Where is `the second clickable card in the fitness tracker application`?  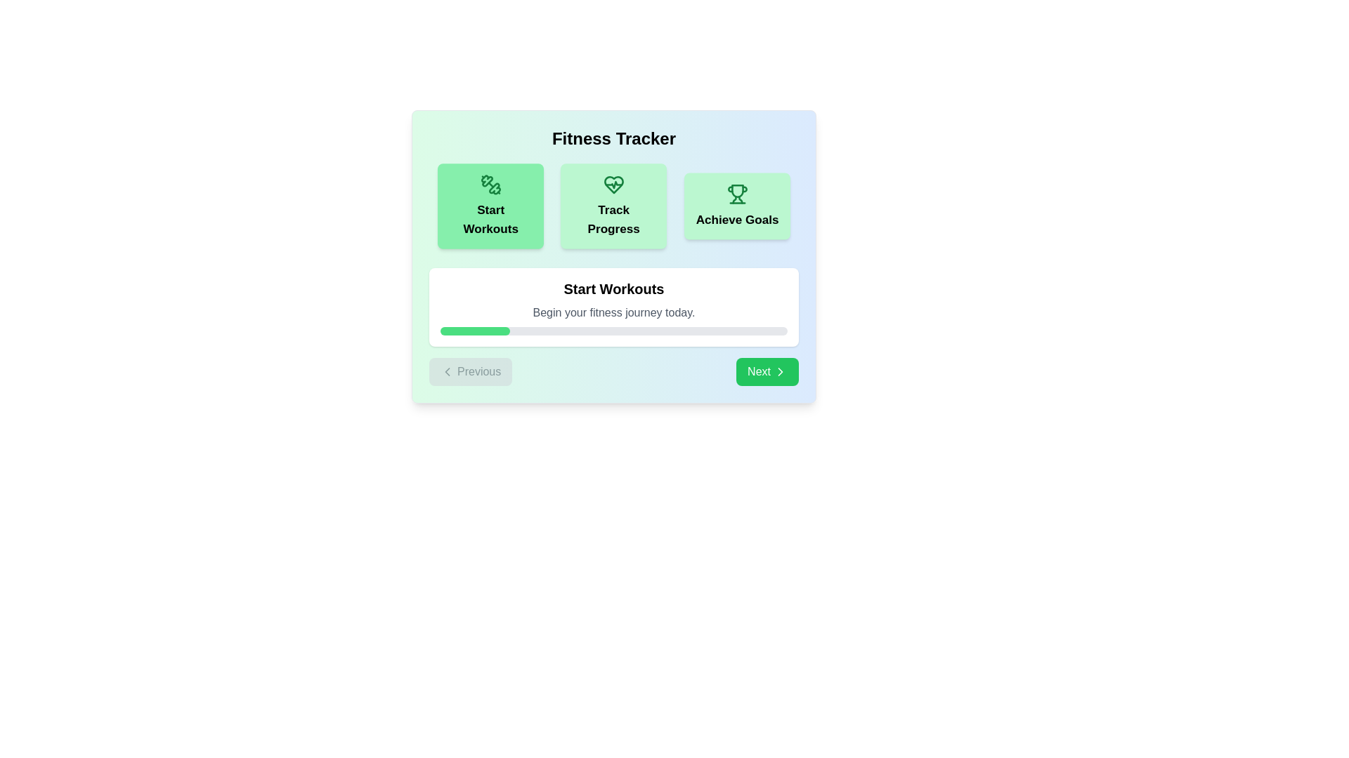 the second clickable card in the fitness tracker application is located at coordinates (613, 206).